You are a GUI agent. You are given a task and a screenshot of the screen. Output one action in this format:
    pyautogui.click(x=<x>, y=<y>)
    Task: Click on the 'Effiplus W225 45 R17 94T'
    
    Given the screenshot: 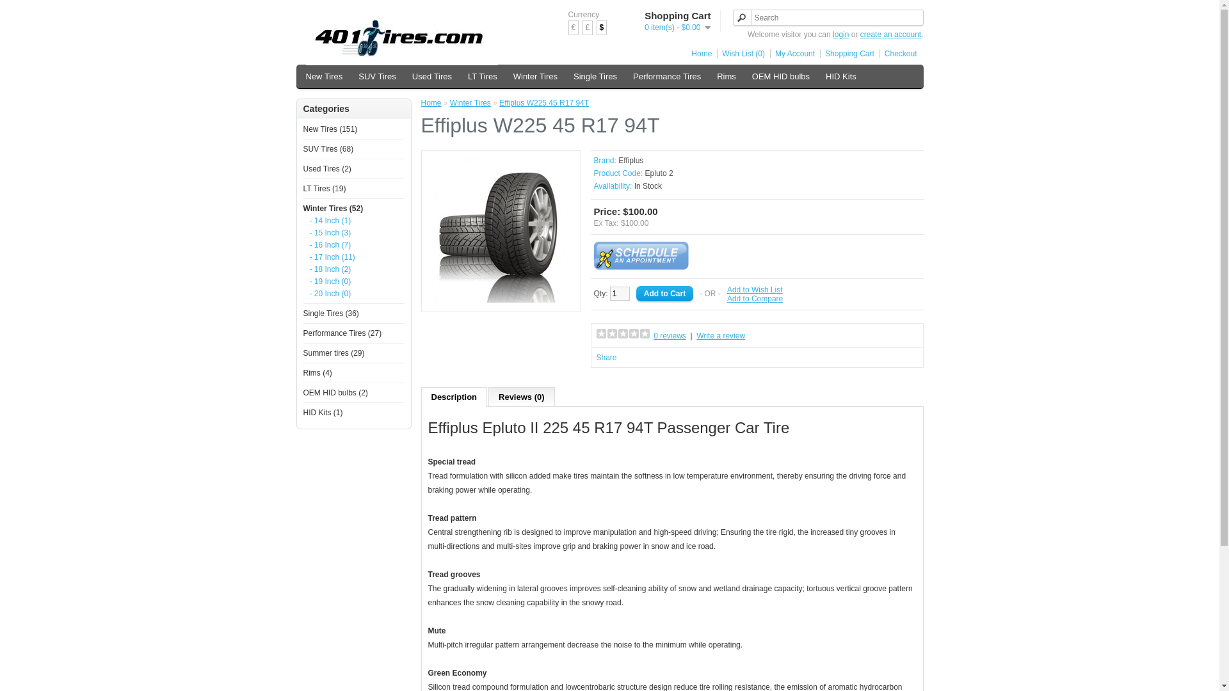 What is the action you would take?
    pyautogui.click(x=543, y=102)
    